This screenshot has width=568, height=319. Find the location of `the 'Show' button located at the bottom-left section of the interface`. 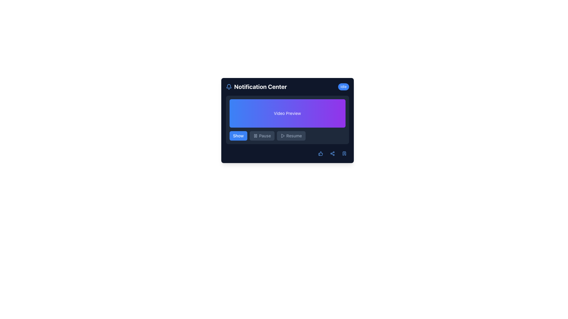

the 'Show' button located at the bottom-left section of the interface is located at coordinates (238, 136).